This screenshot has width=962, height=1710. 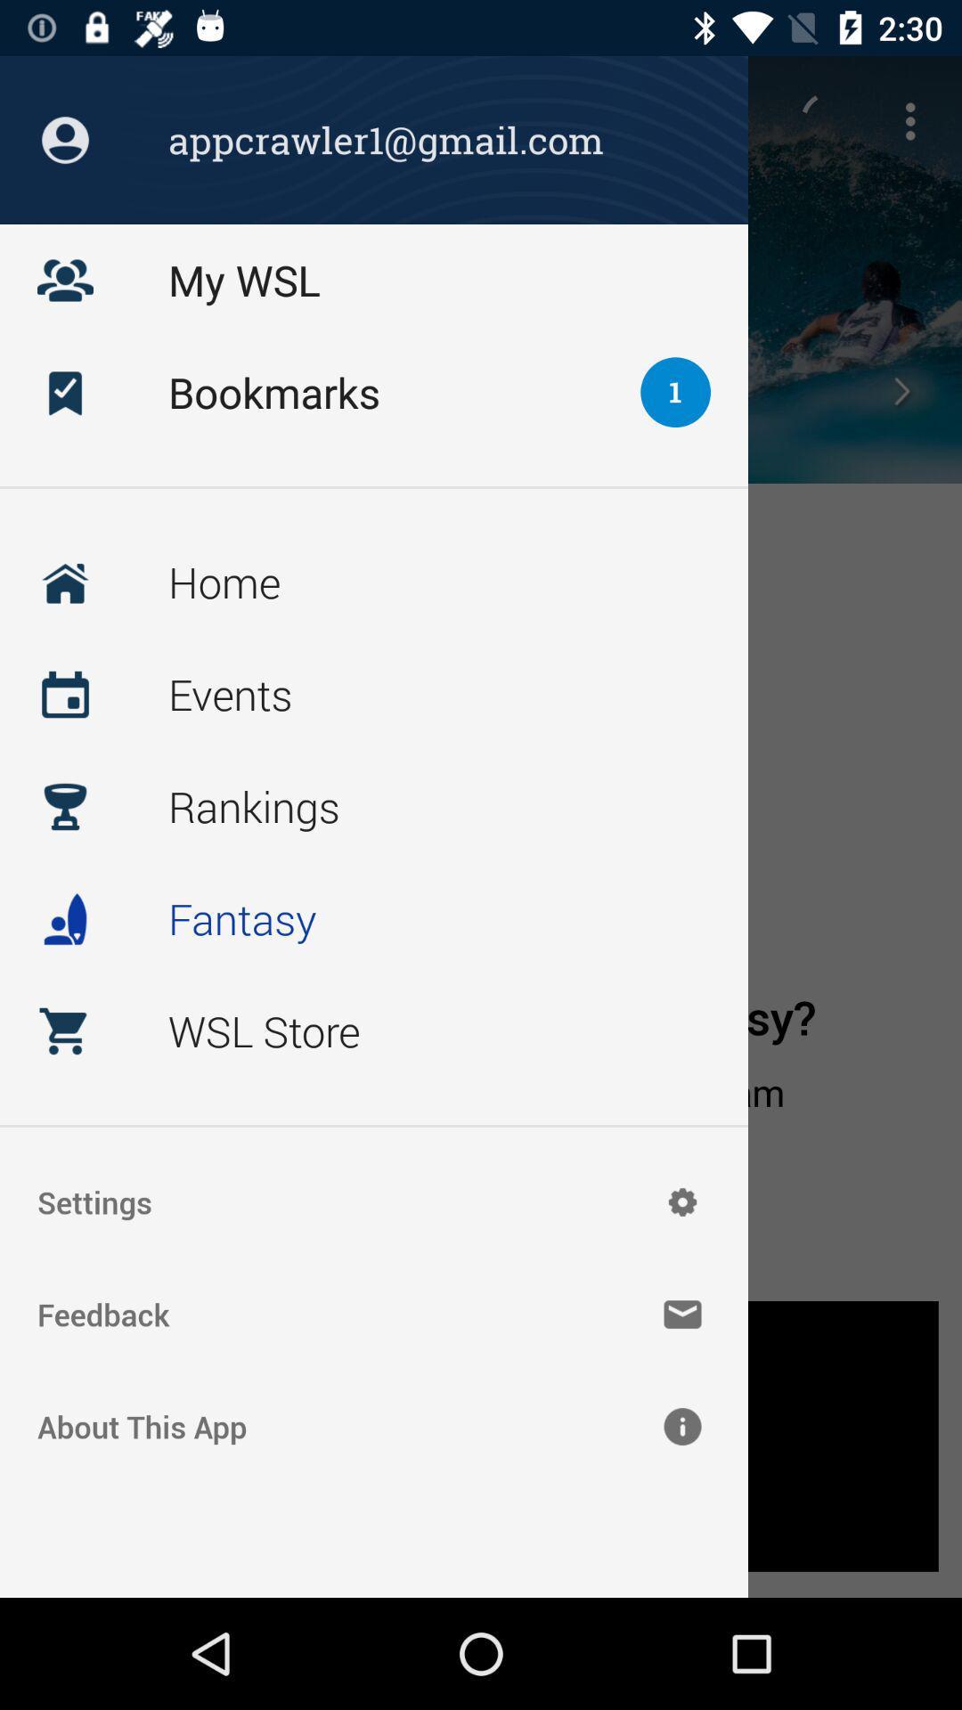 What do you see at coordinates (64, 390) in the screenshot?
I see `the volume icon` at bounding box center [64, 390].